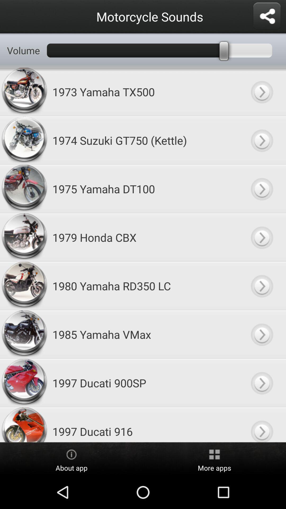 The height and width of the screenshot is (509, 286). Describe the element at coordinates (261, 334) in the screenshot. I see `motorcycle` at that location.